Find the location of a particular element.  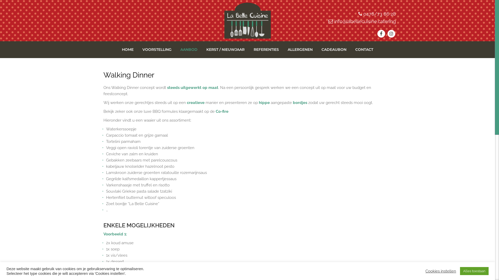

'Cookies instellen' is located at coordinates (440, 271).